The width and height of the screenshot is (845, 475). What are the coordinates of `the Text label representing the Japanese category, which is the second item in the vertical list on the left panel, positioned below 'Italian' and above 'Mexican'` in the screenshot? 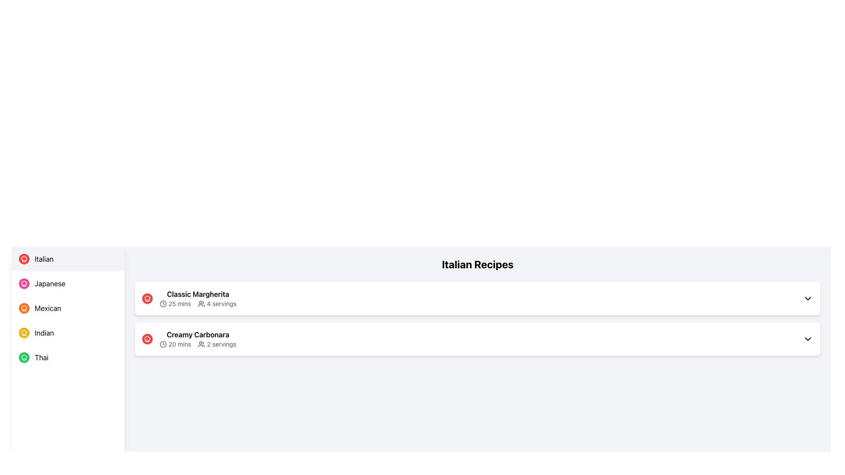 It's located at (49, 283).